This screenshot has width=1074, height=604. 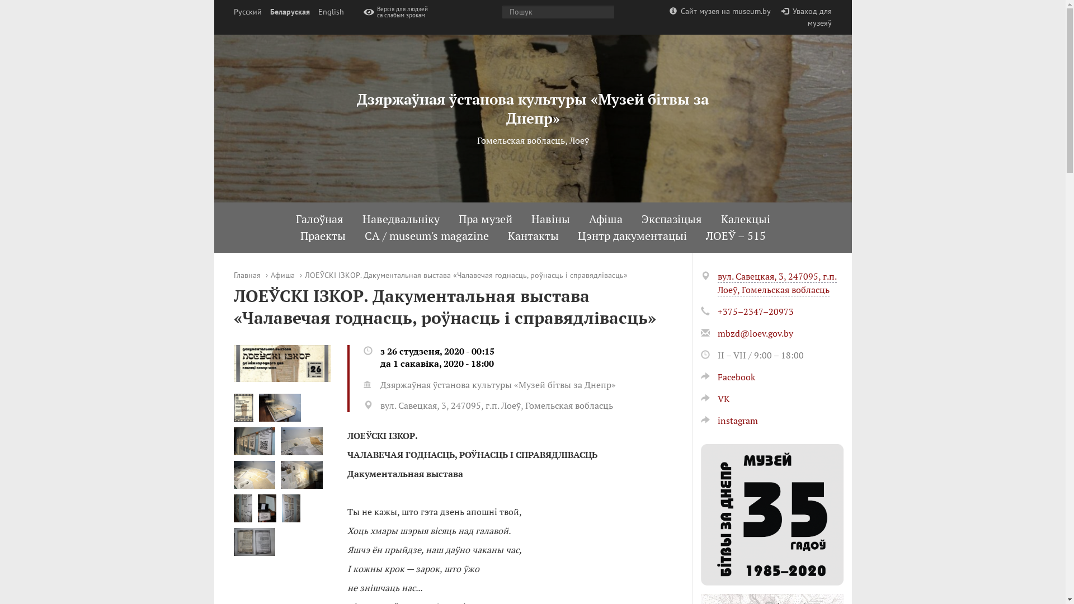 I want to click on 'English', so click(x=329, y=12).